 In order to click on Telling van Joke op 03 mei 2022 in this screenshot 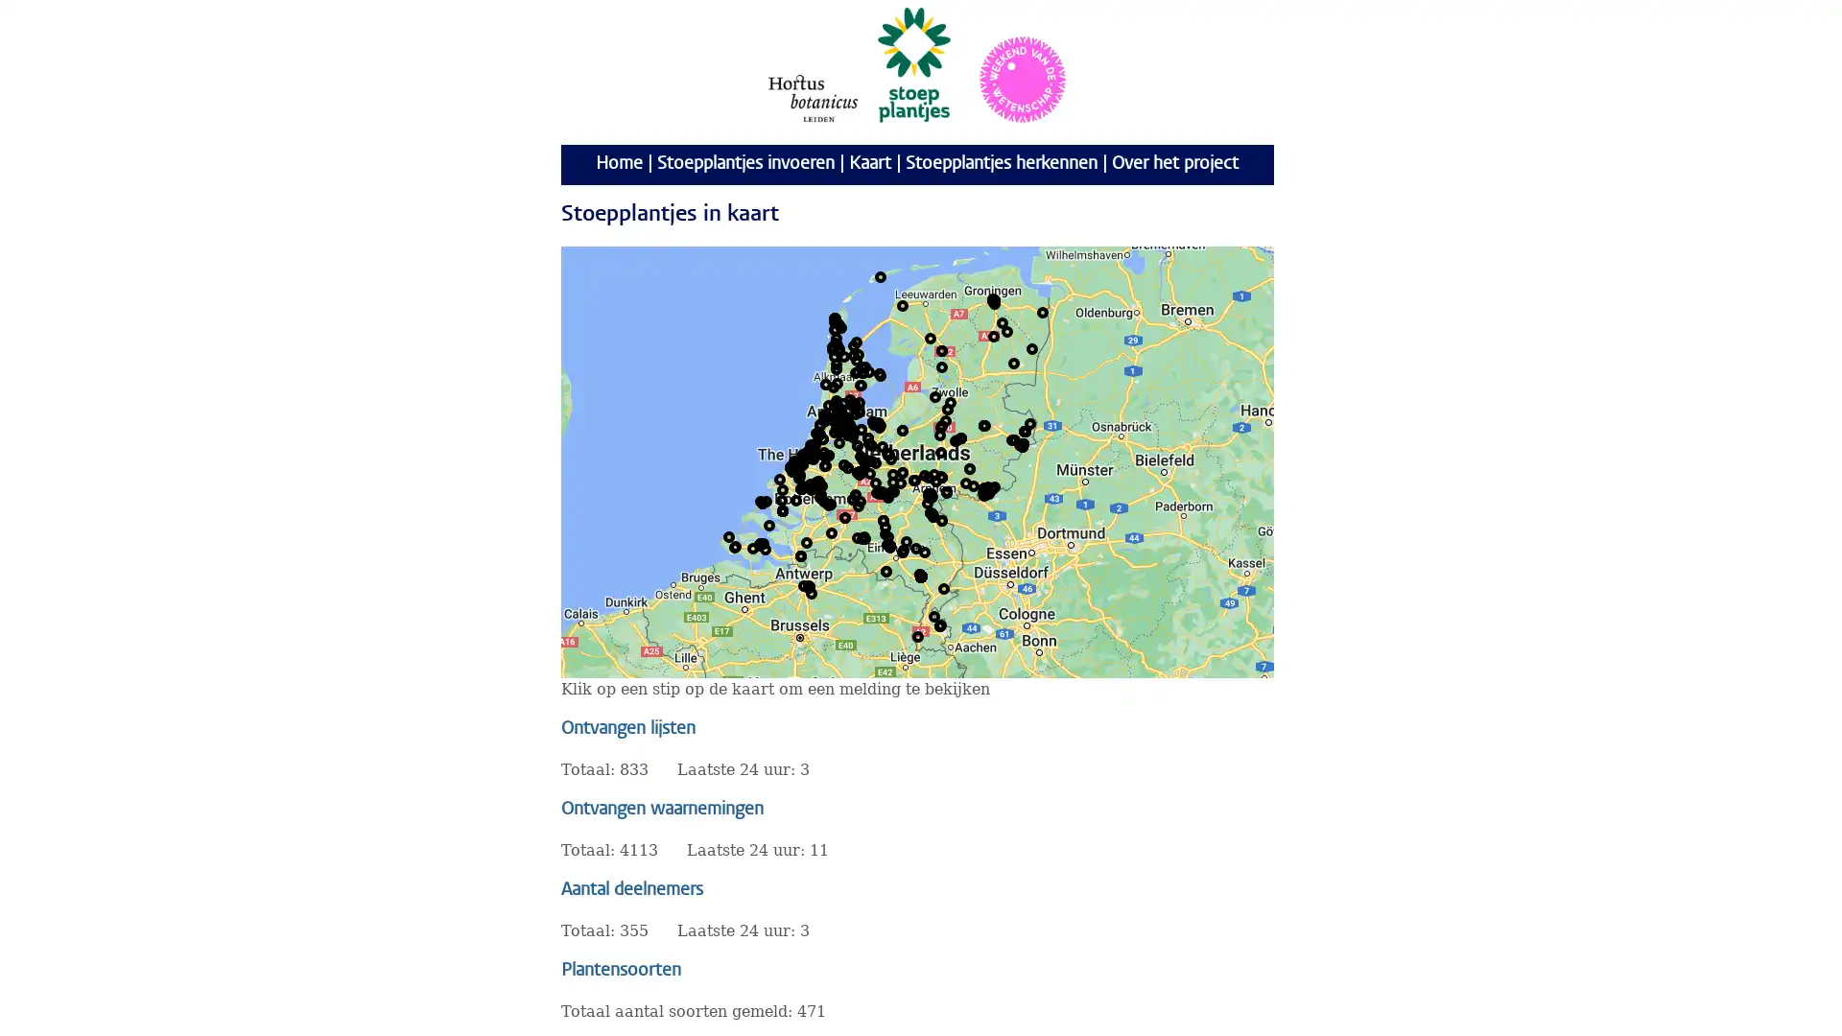, I will do `click(846, 466)`.